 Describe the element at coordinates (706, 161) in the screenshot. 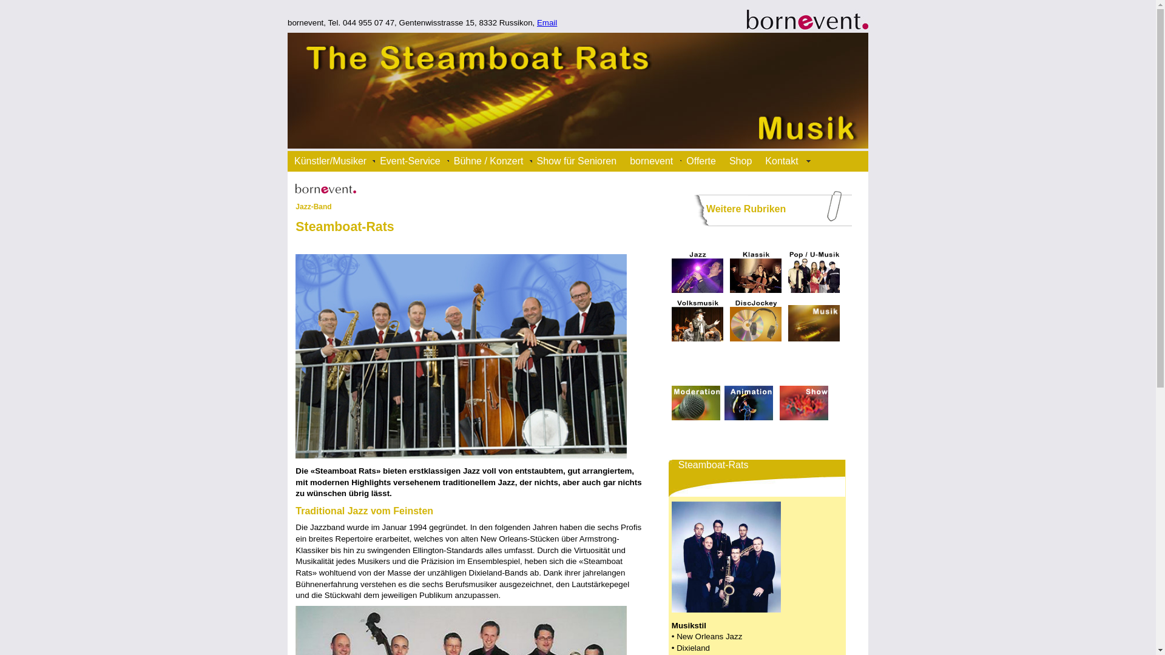

I see `'Offerte'` at that location.